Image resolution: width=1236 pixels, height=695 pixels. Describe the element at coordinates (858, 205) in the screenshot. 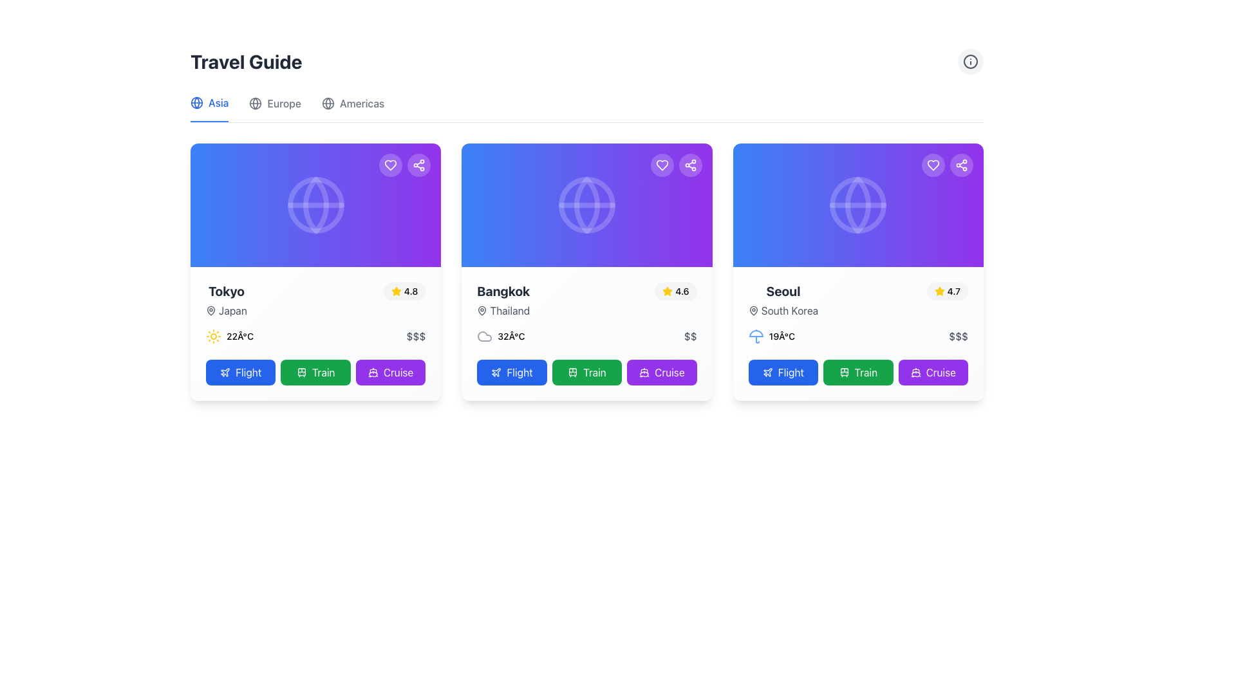

I see `the vertical elliptical portion of the globe graphic in the Seoul travel card, which is styled with thin lines and is centered within the icon` at that location.